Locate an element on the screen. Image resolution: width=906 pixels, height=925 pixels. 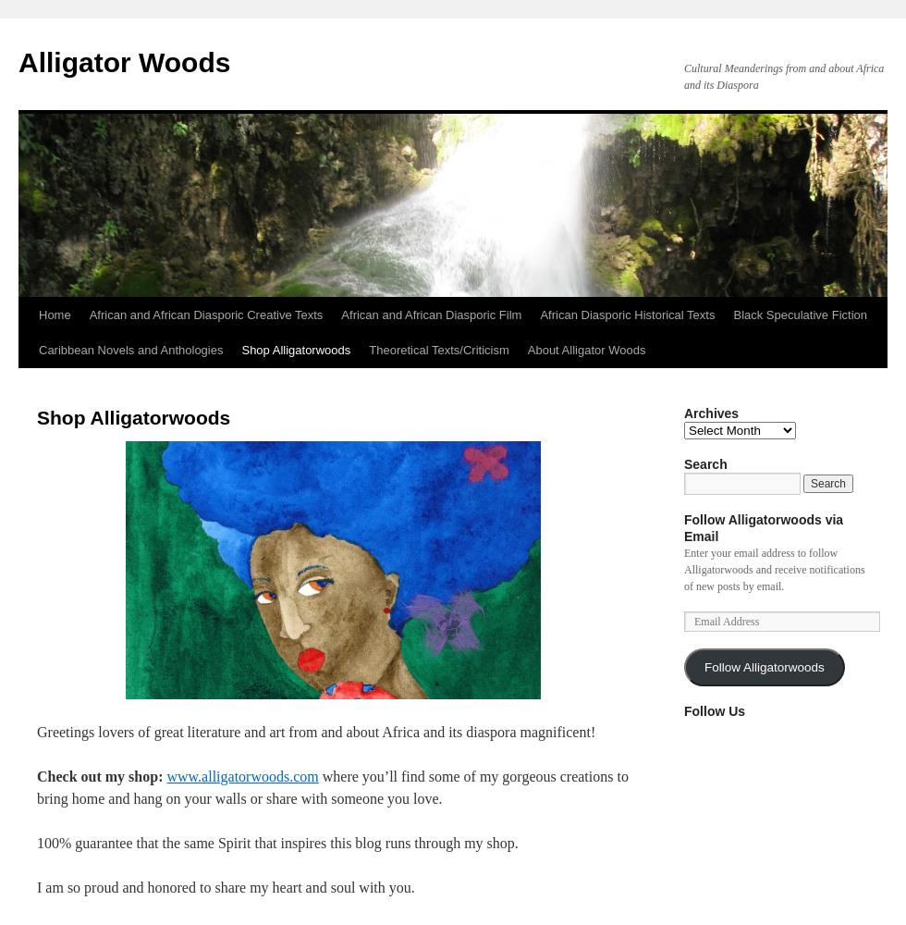
'www.alligatorwoods.com' is located at coordinates (241, 775).